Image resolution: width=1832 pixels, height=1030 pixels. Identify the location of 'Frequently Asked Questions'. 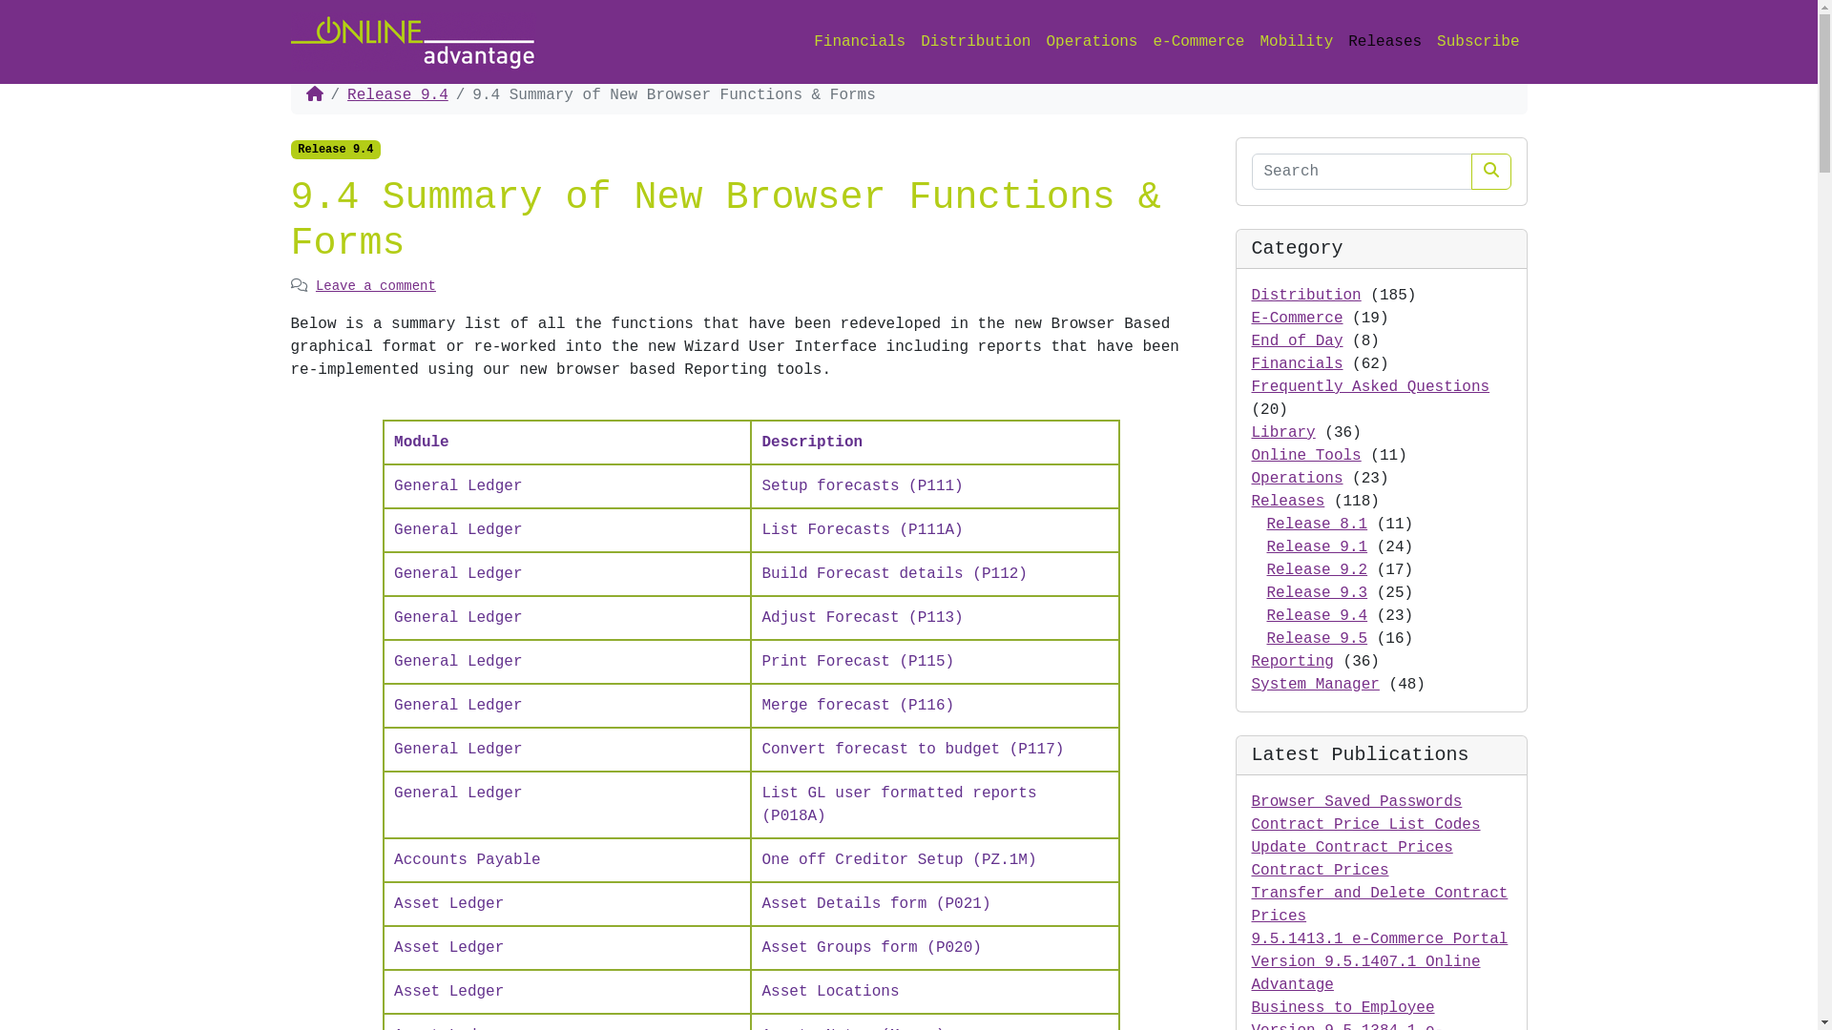
(1369, 386).